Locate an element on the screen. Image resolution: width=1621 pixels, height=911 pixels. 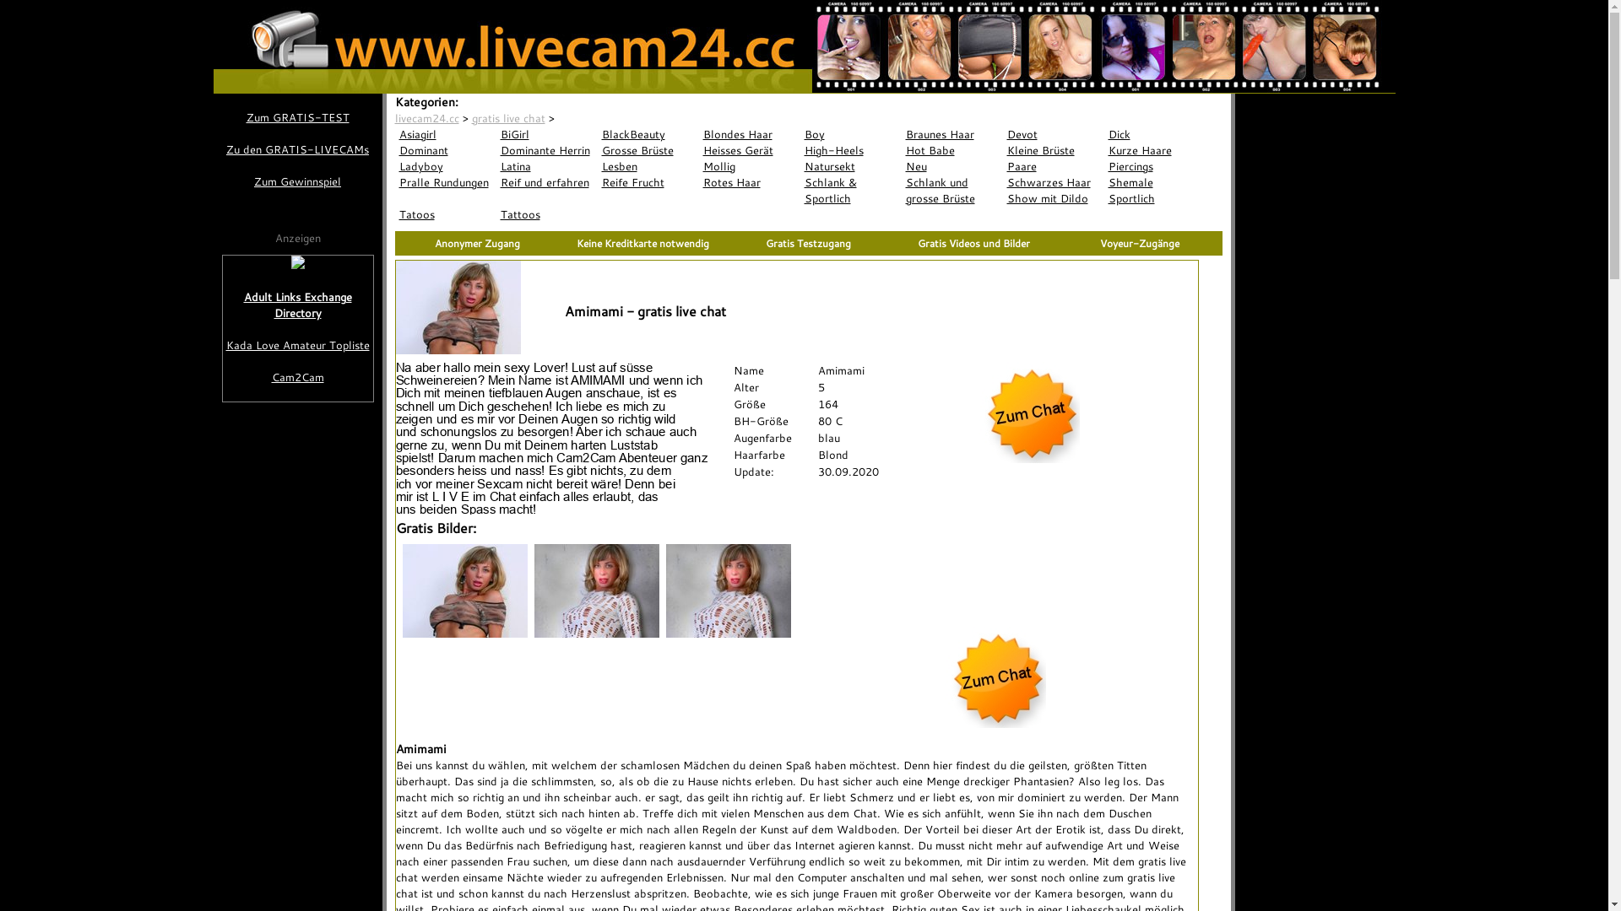
'livecam24.cc' is located at coordinates (426, 116).